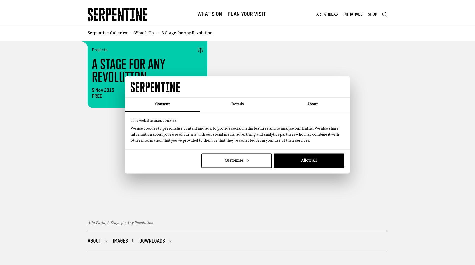 The width and height of the screenshot is (475, 265). Describe the element at coordinates (144, 33) in the screenshot. I see `'What’s On'` at that location.